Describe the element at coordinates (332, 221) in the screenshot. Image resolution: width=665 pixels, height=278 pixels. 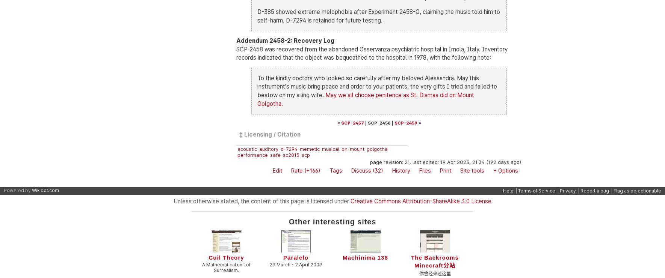
I see `'Other interesting sites'` at that location.